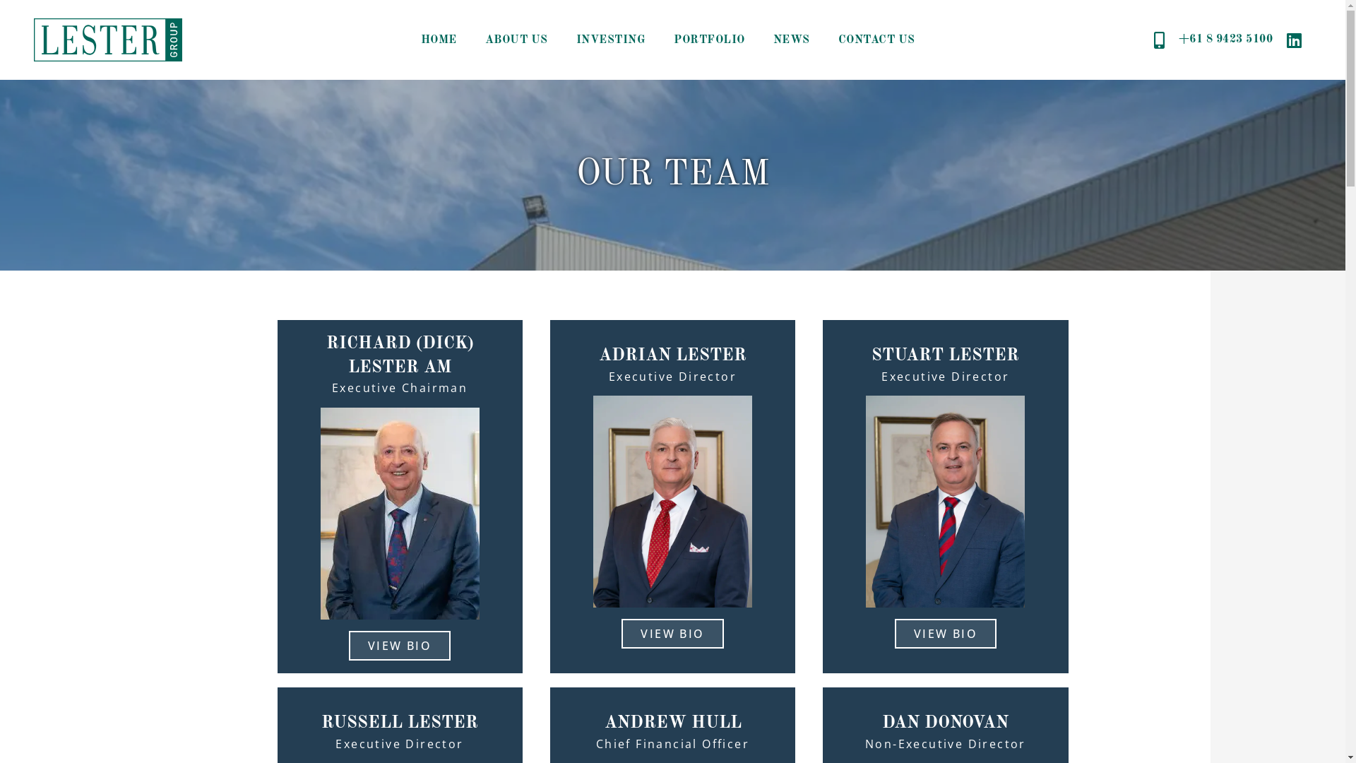 The image size is (1356, 763). What do you see at coordinates (671, 633) in the screenshot?
I see `'VIEW BIO'` at bounding box center [671, 633].